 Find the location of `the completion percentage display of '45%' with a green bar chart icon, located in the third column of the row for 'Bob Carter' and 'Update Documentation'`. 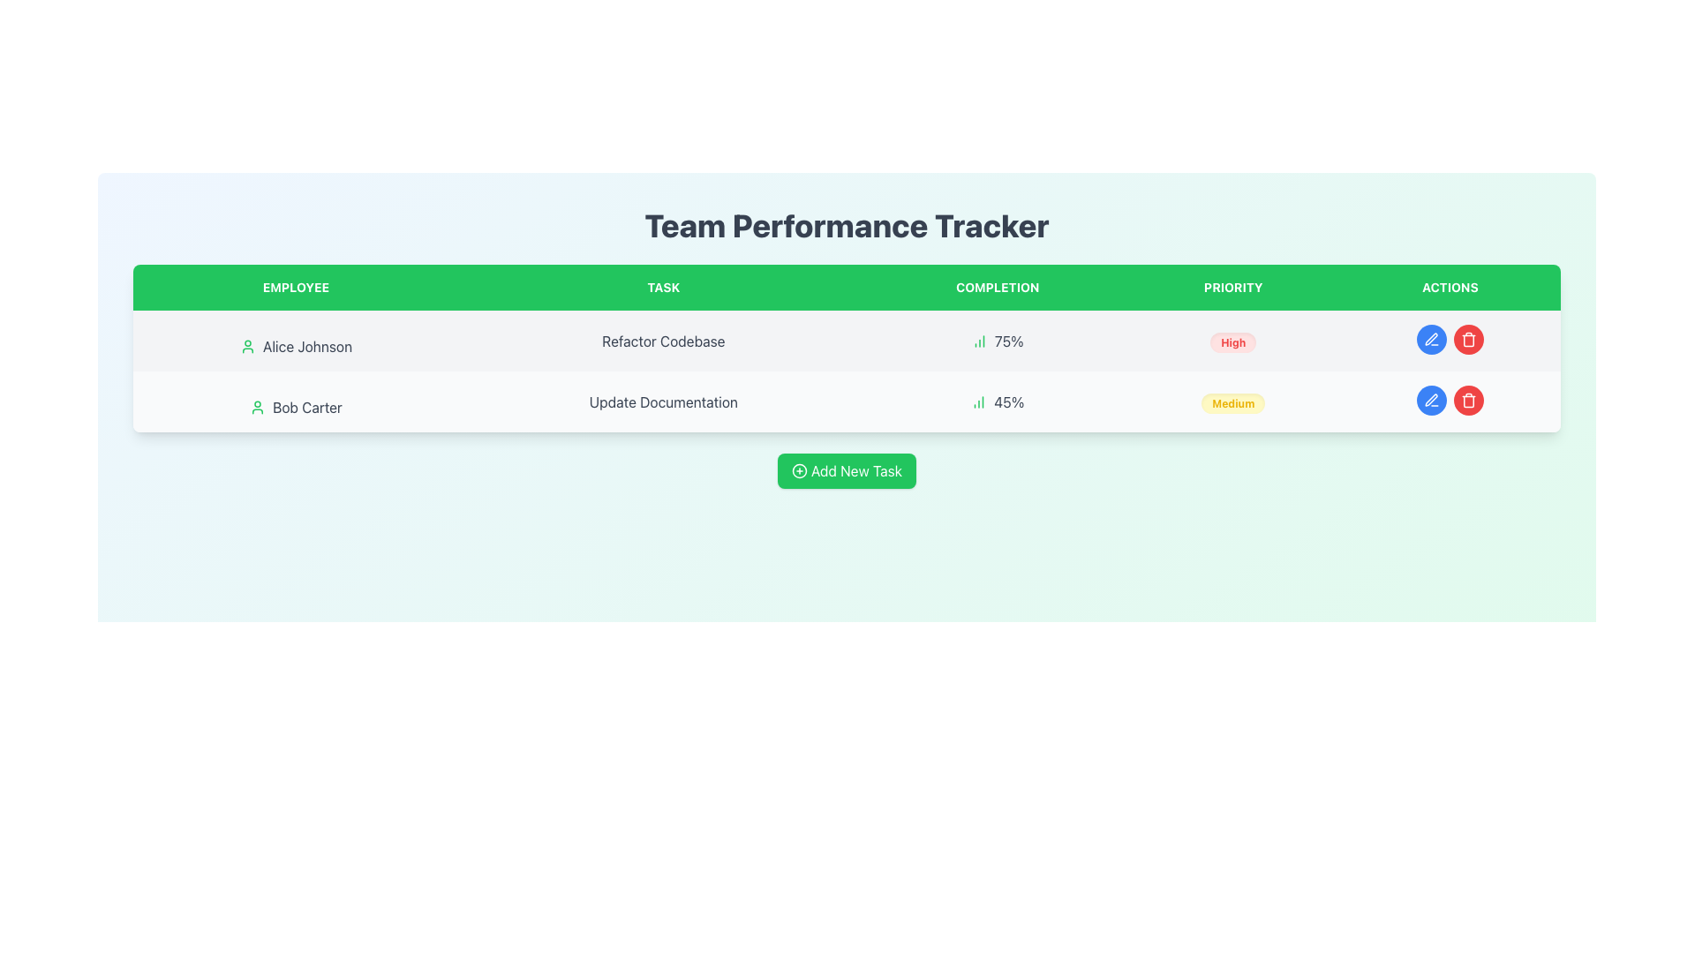

the completion percentage display of '45%' with a green bar chart icon, located in the third column of the row for 'Bob Carter' and 'Update Documentation' is located at coordinates (997, 401).